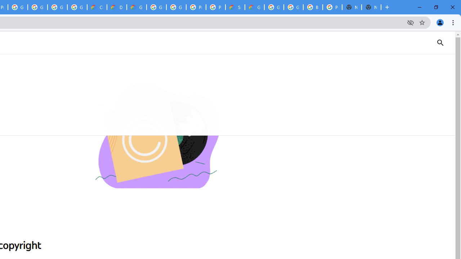 This screenshot has width=461, height=259. What do you see at coordinates (136, 7) in the screenshot?
I see `'Gemini for Business and Developers | Google Cloud'` at bounding box center [136, 7].